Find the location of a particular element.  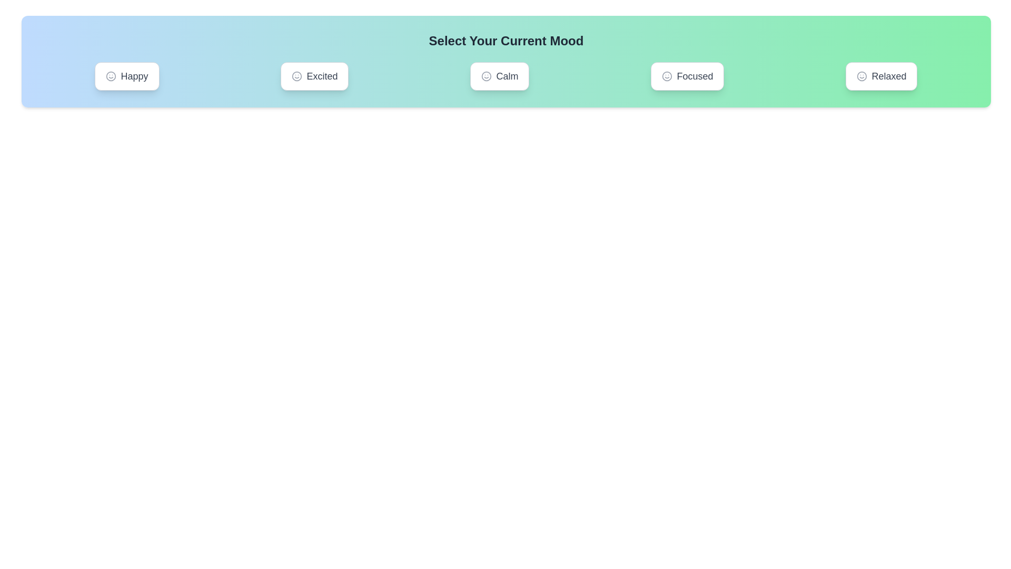

the mood Excited by clicking on its corresponding button is located at coordinates (313, 76).